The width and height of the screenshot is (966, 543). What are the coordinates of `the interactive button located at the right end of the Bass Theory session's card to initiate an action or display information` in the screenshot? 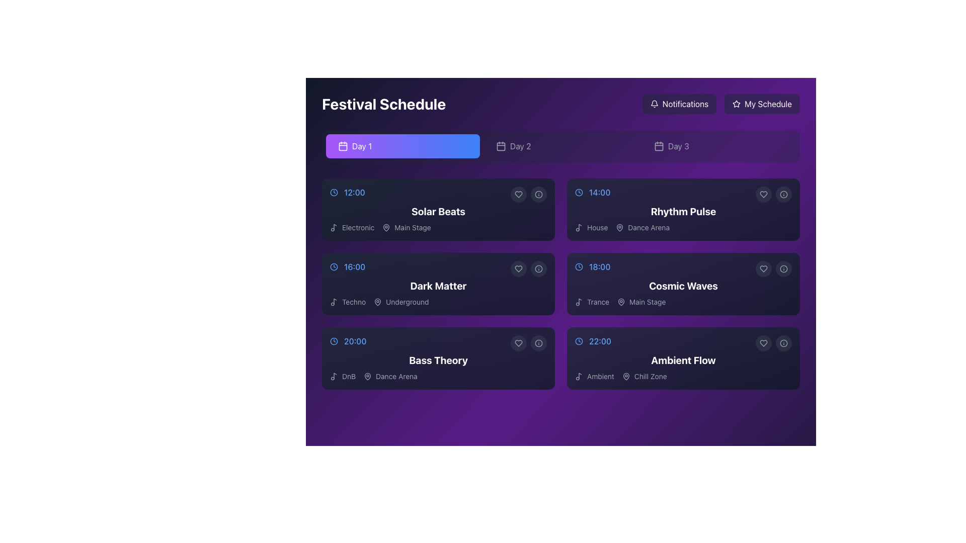 It's located at (538, 342).